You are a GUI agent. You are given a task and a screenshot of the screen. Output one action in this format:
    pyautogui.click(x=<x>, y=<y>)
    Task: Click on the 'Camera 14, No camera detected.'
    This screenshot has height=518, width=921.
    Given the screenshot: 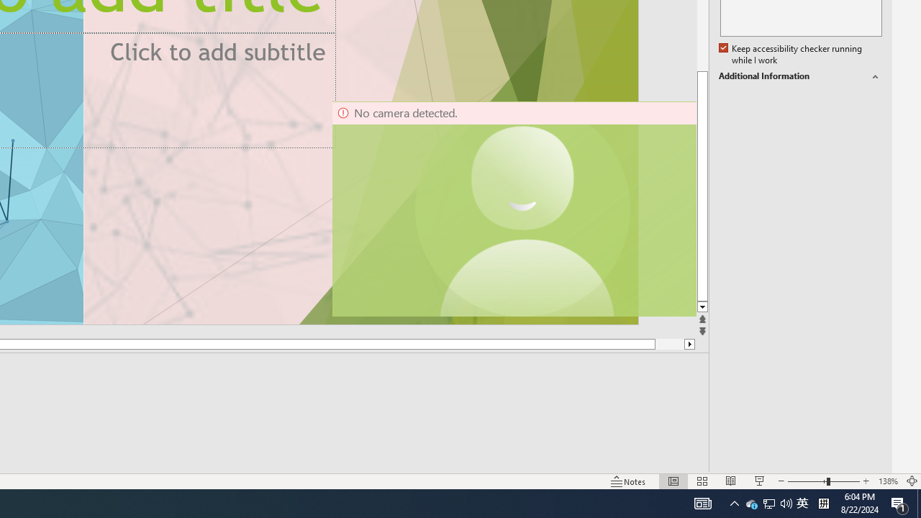 What is the action you would take?
    pyautogui.click(x=513, y=209)
    